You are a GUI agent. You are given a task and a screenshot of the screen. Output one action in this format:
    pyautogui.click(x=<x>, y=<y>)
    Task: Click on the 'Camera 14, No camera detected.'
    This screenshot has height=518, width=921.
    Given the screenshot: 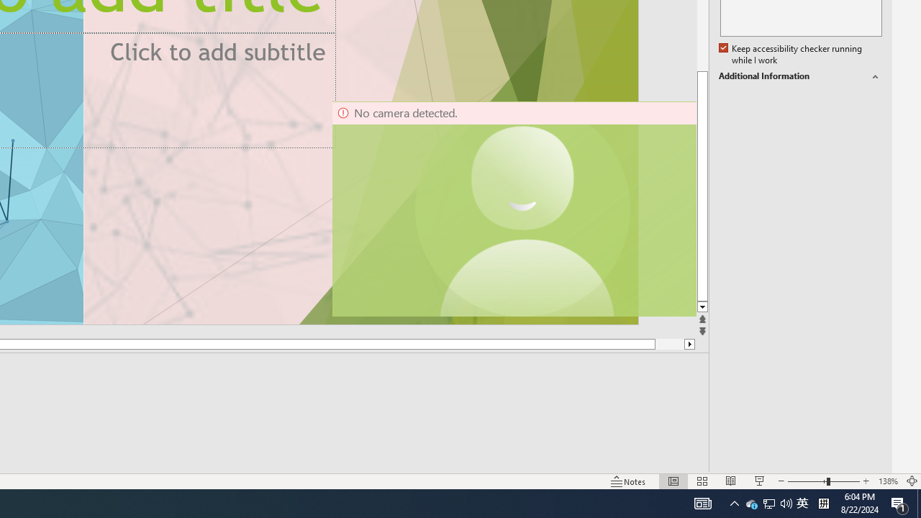 What is the action you would take?
    pyautogui.click(x=513, y=209)
    